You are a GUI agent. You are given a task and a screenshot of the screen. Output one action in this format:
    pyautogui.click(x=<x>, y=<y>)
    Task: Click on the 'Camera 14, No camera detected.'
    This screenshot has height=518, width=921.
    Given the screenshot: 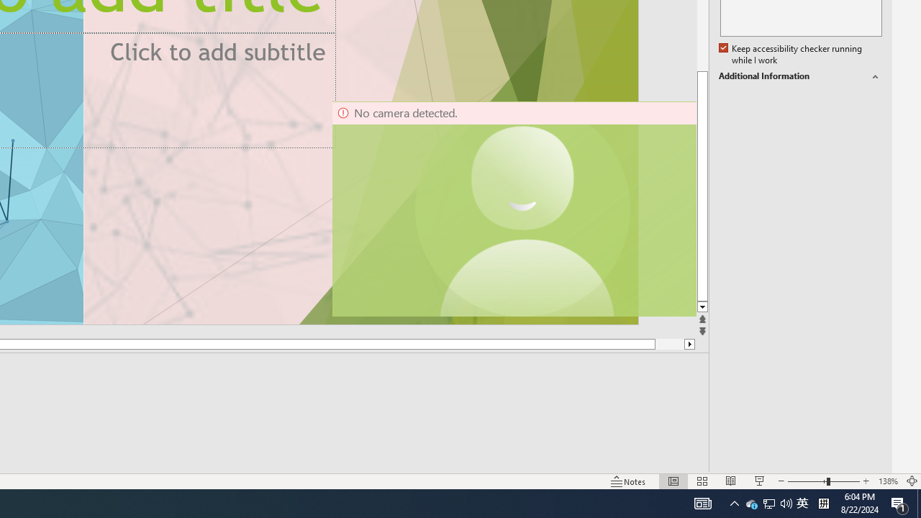 What is the action you would take?
    pyautogui.click(x=513, y=209)
    